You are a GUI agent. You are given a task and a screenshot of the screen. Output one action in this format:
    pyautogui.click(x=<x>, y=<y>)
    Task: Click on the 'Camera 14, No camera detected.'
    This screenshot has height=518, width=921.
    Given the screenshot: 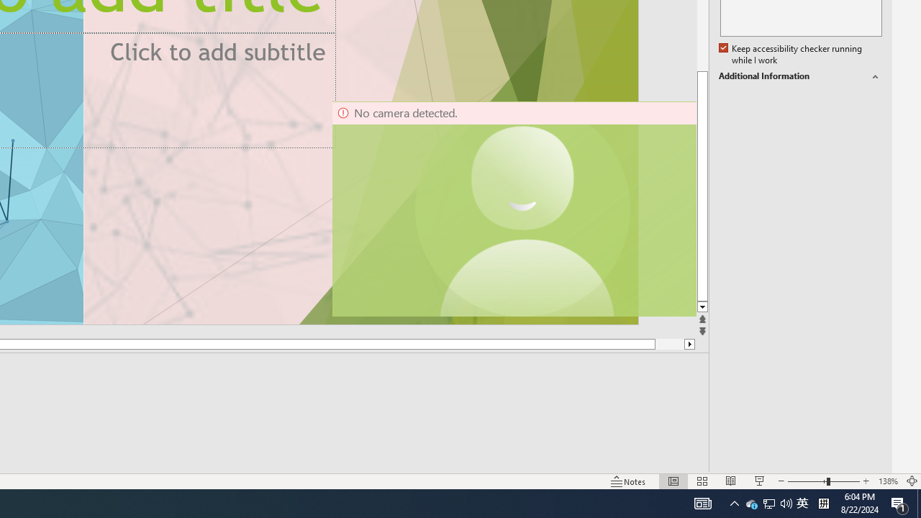 What is the action you would take?
    pyautogui.click(x=513, y=209)
    